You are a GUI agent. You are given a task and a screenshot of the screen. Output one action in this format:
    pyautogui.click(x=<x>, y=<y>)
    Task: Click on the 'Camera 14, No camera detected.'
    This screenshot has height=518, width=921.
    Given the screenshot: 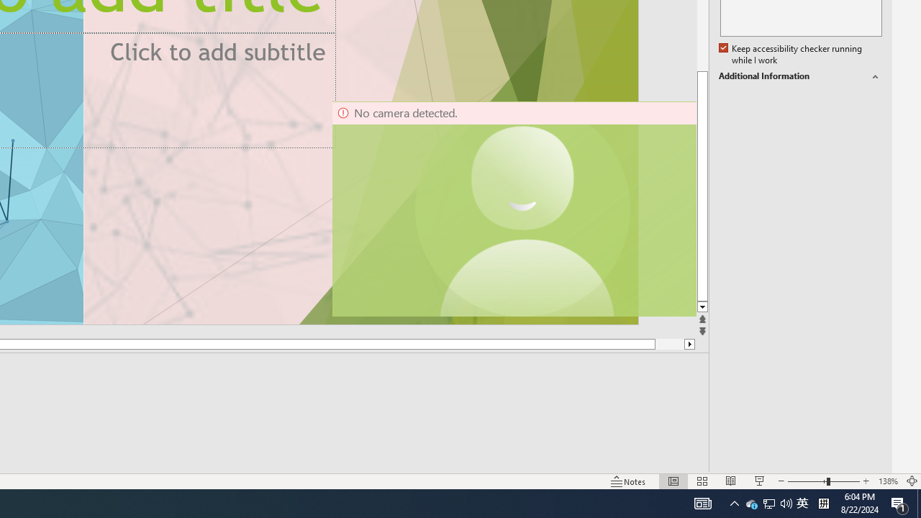 What is the action you would take?
    pyautogui.click(x=513, y=209)
    